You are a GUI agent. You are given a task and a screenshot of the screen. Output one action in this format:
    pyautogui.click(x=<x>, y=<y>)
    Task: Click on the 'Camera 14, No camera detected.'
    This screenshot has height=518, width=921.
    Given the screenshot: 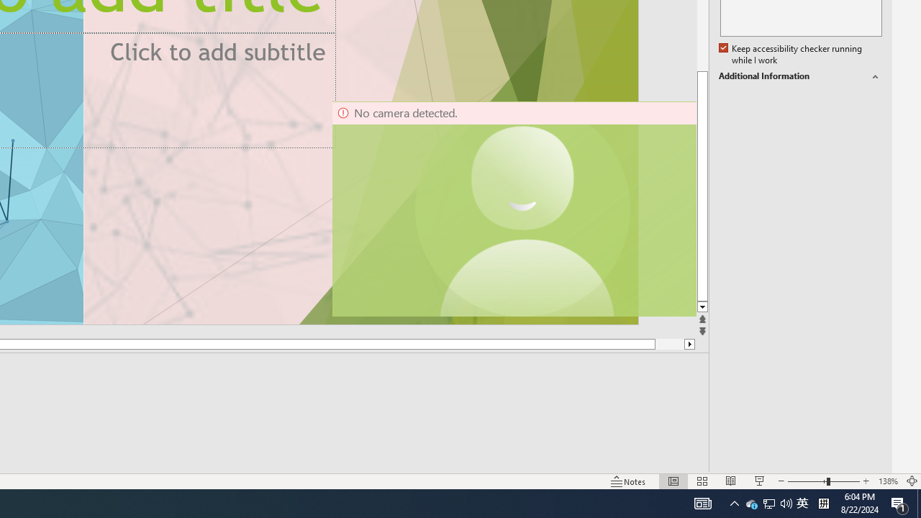 What is the action you would take?
    pyautogui.click(x=513, y=209)
    